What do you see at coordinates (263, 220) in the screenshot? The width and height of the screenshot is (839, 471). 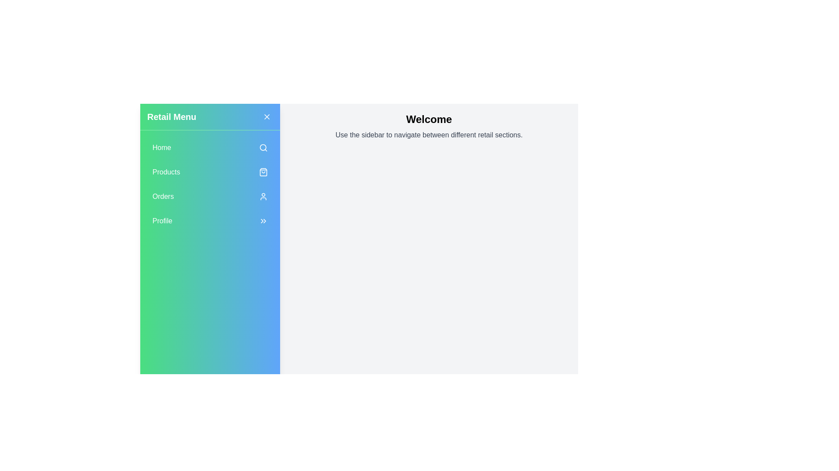 I see `the additional details icon located to the far right of the 'Profile' text in the sidebar` at bounding box center [263, 220].